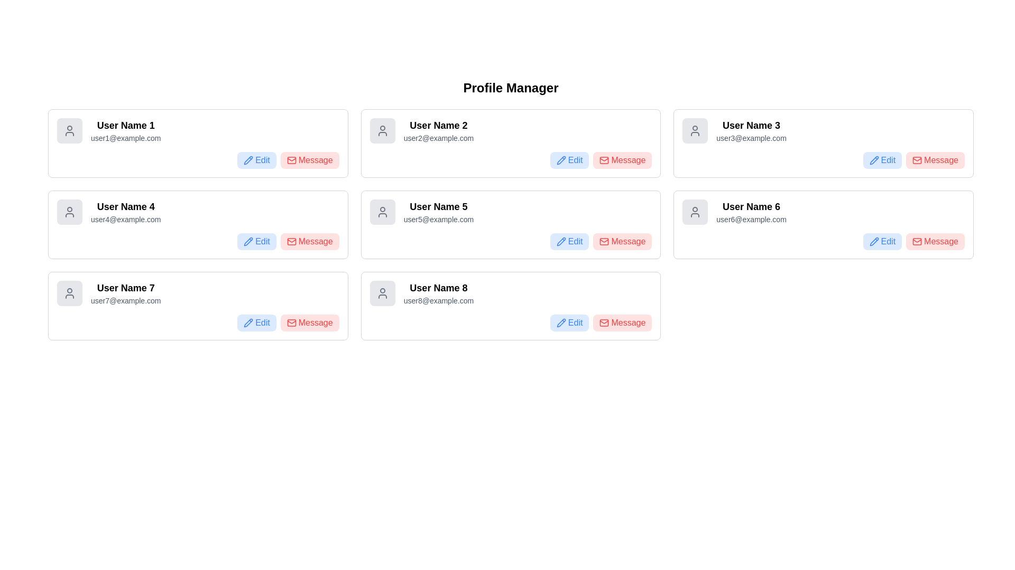 The image size is (1015, 570). Describe the element at coordinates (882, 242) in the screenshot. I see `the editing button located below the 'User Name 6' label` at that location.